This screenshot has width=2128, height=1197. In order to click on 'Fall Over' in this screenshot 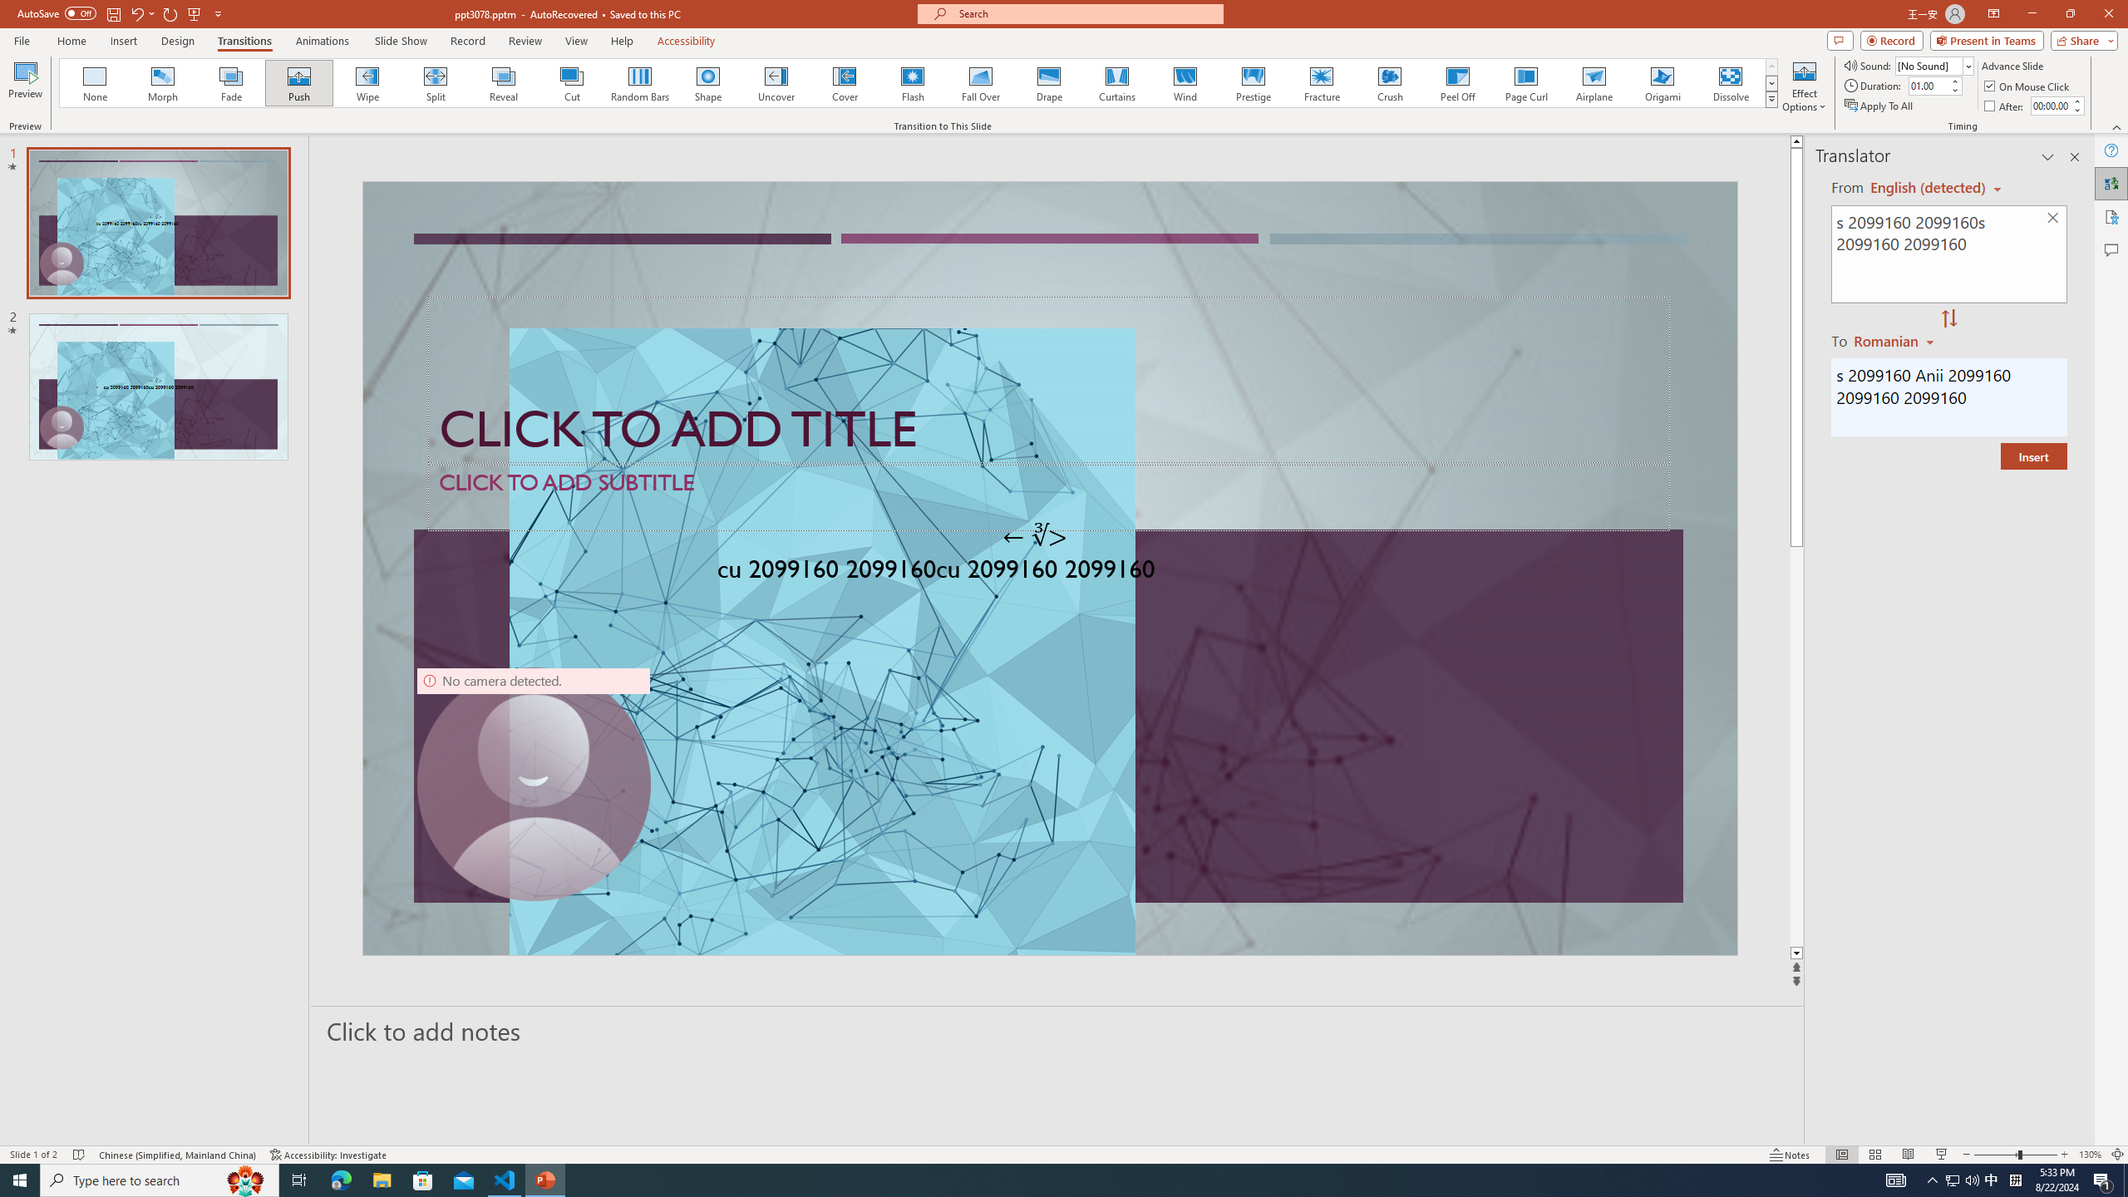, I will do `click(980, 82)`.